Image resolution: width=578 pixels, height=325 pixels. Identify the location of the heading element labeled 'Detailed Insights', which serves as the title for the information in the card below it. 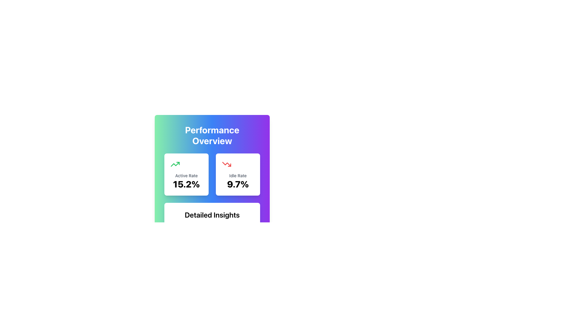
(212, 214).